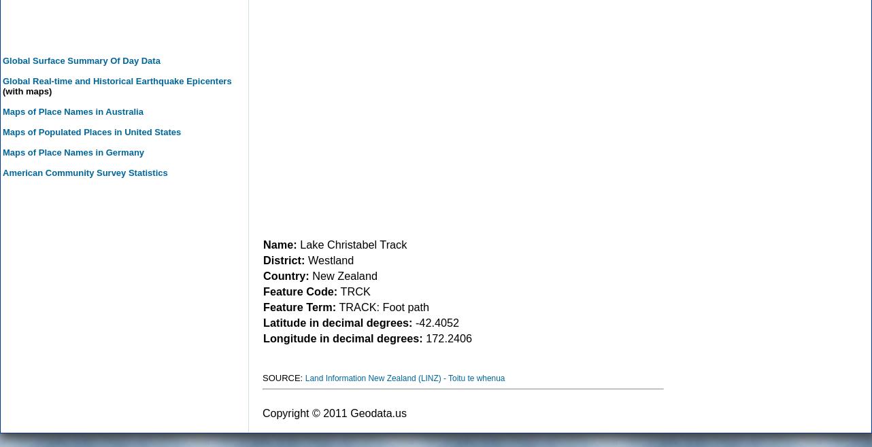 This screenshot has height=447, width=872. I want to click on '(with maps)', so click(27, 90).